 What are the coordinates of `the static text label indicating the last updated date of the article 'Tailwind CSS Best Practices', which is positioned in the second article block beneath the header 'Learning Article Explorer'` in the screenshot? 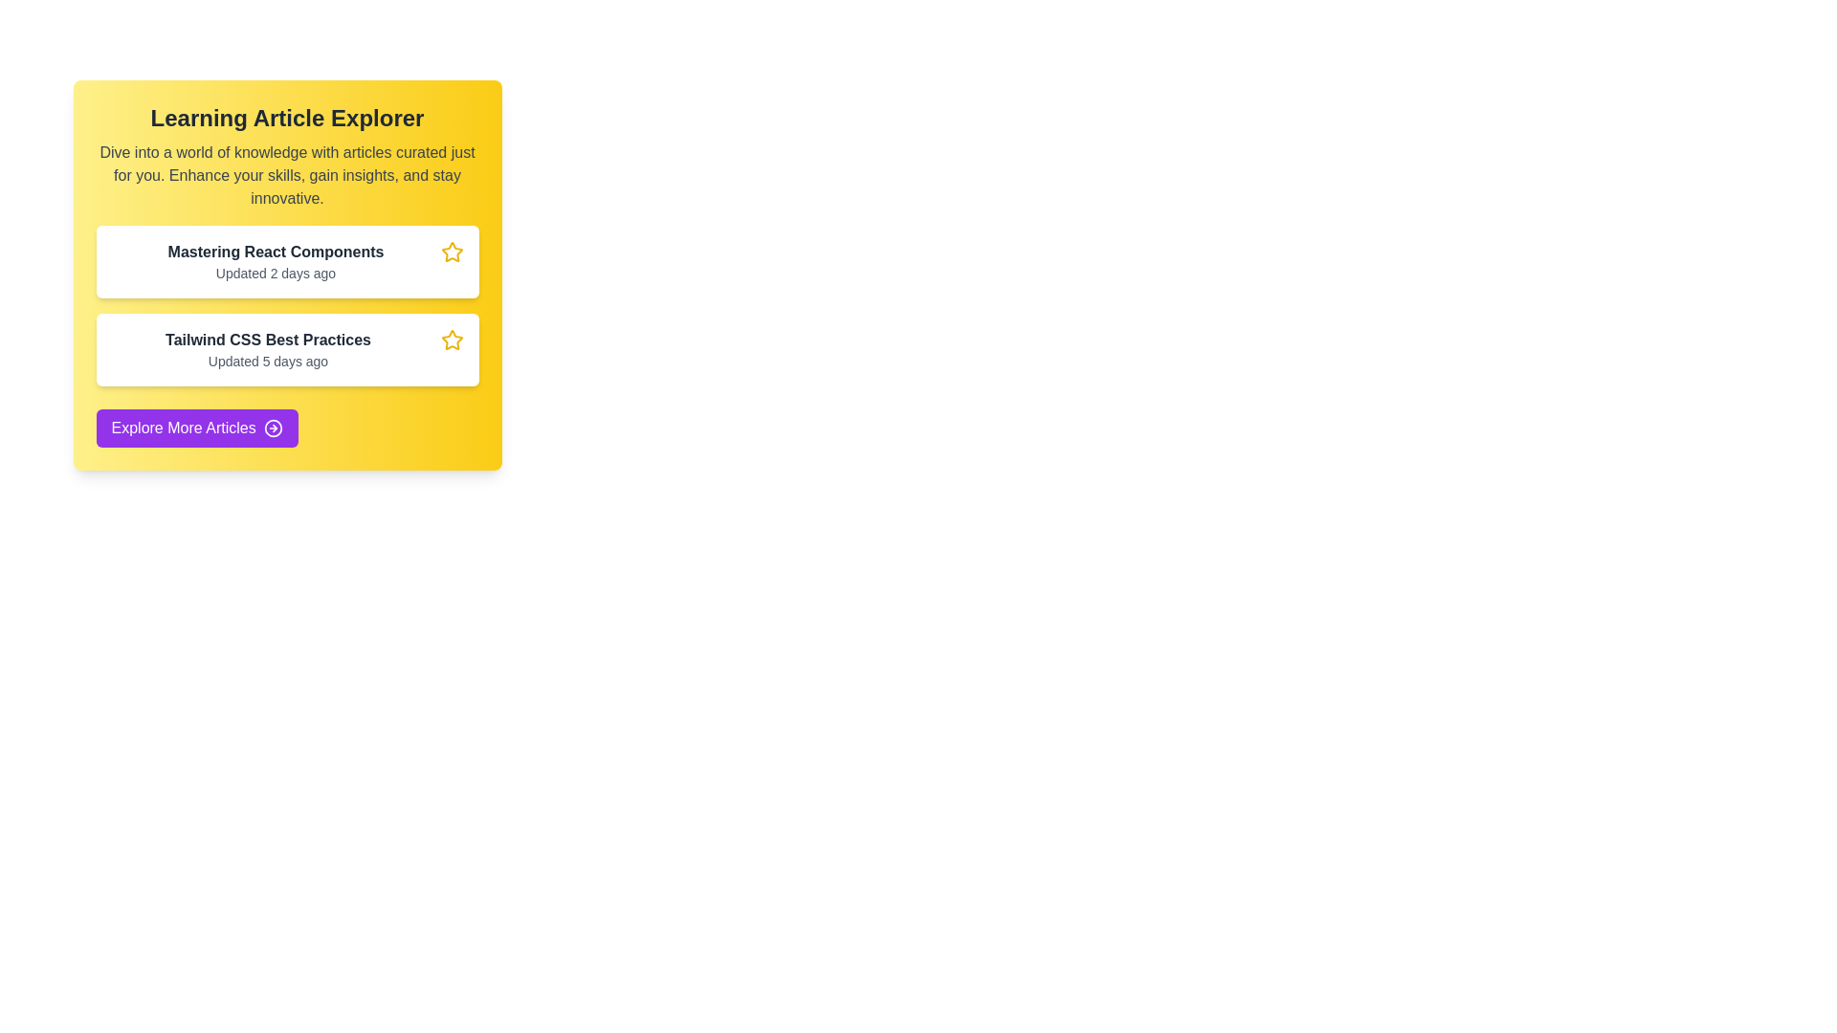 It's located at (267, 362).